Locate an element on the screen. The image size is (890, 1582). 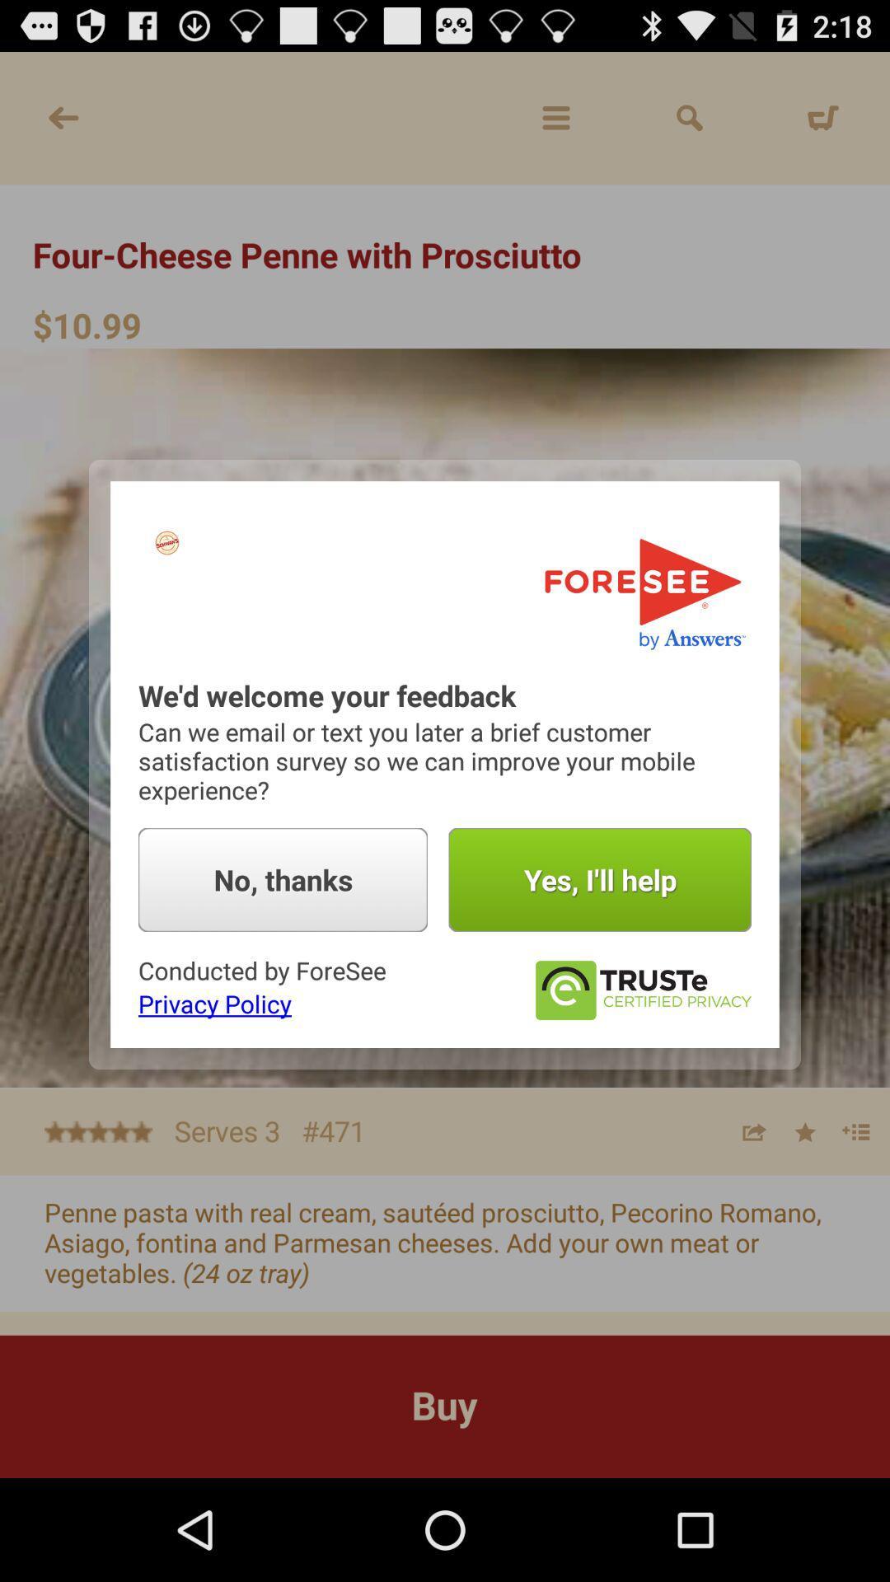
the app below can we email app is located at coordinates (282, 879).